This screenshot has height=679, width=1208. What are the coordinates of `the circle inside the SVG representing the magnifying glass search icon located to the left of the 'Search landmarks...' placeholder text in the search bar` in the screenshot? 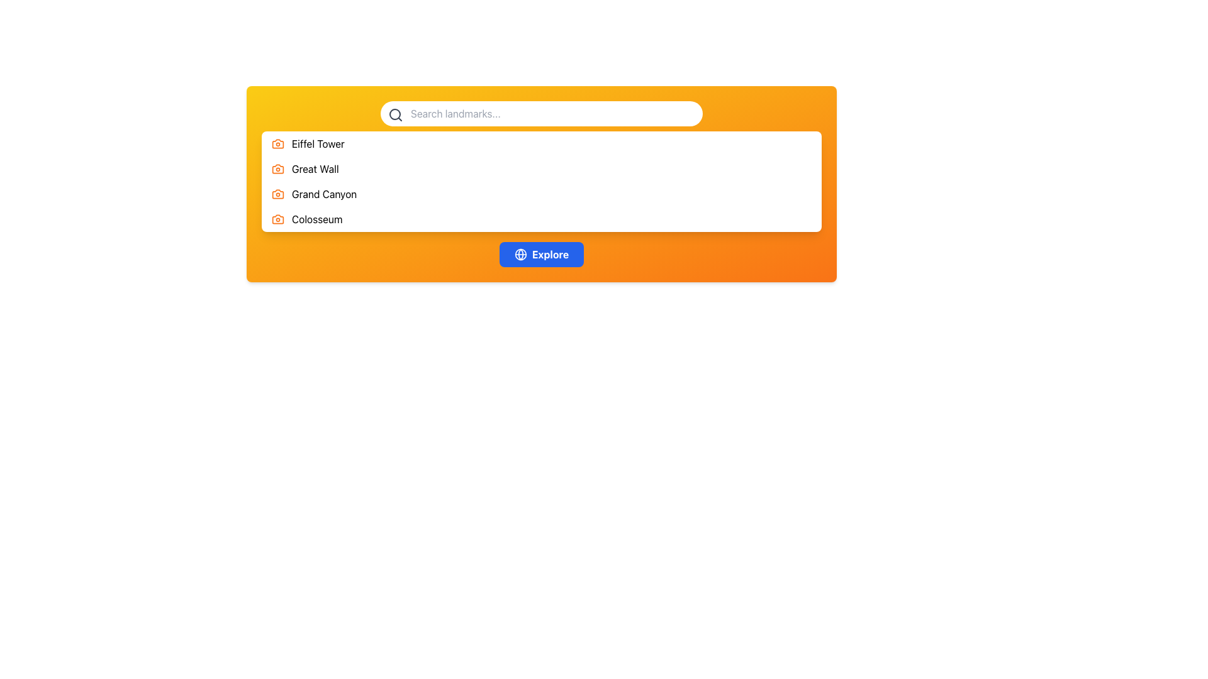 It's located at (394, 114).